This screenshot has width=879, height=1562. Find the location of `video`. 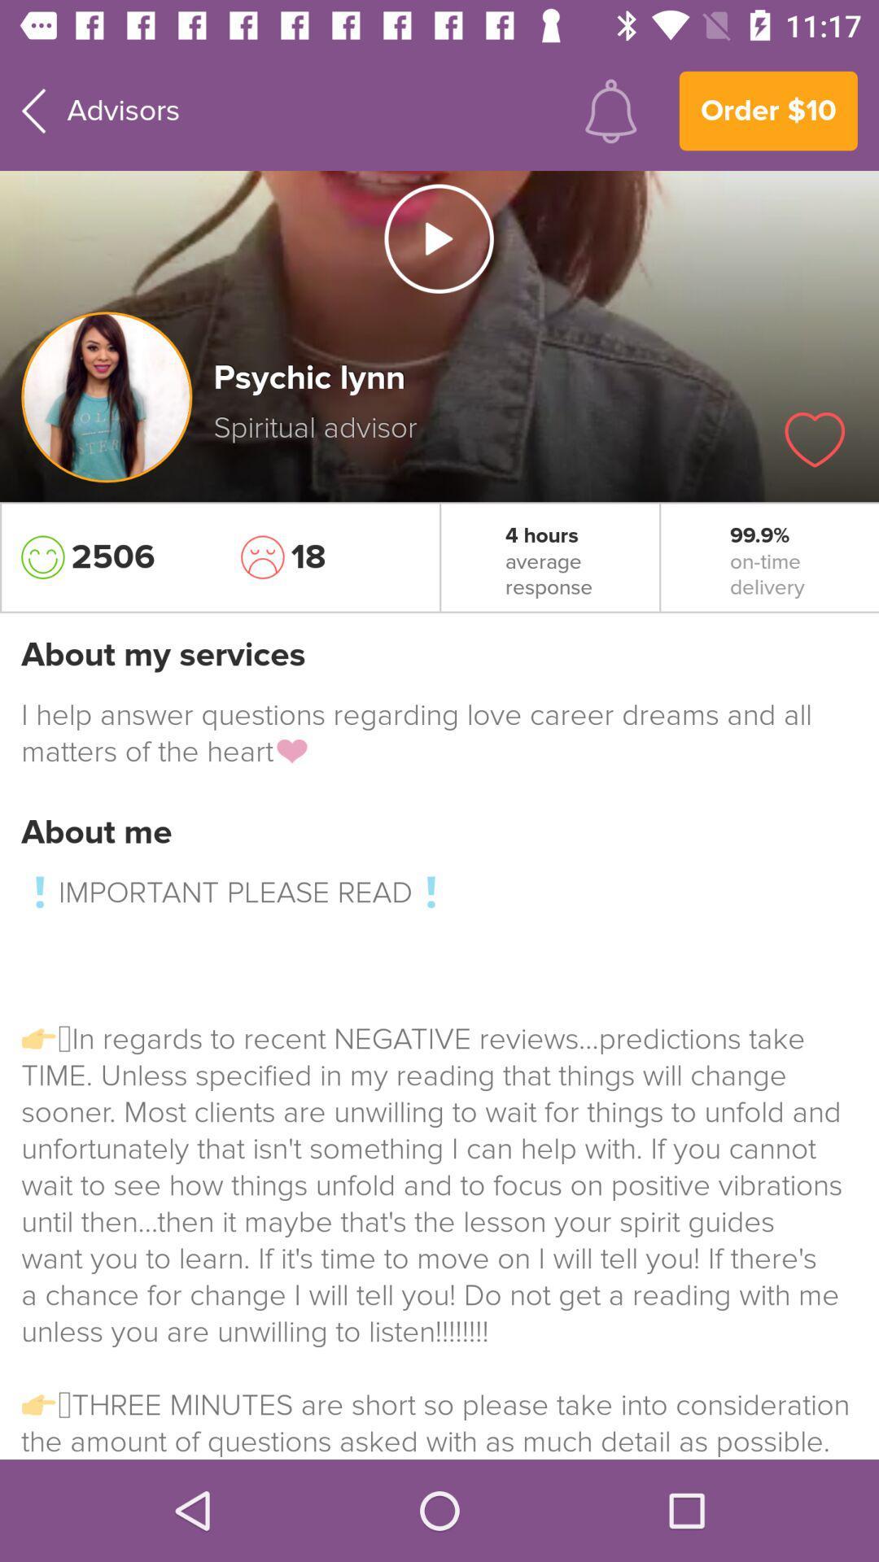

video is located at coordinates (438, 238).